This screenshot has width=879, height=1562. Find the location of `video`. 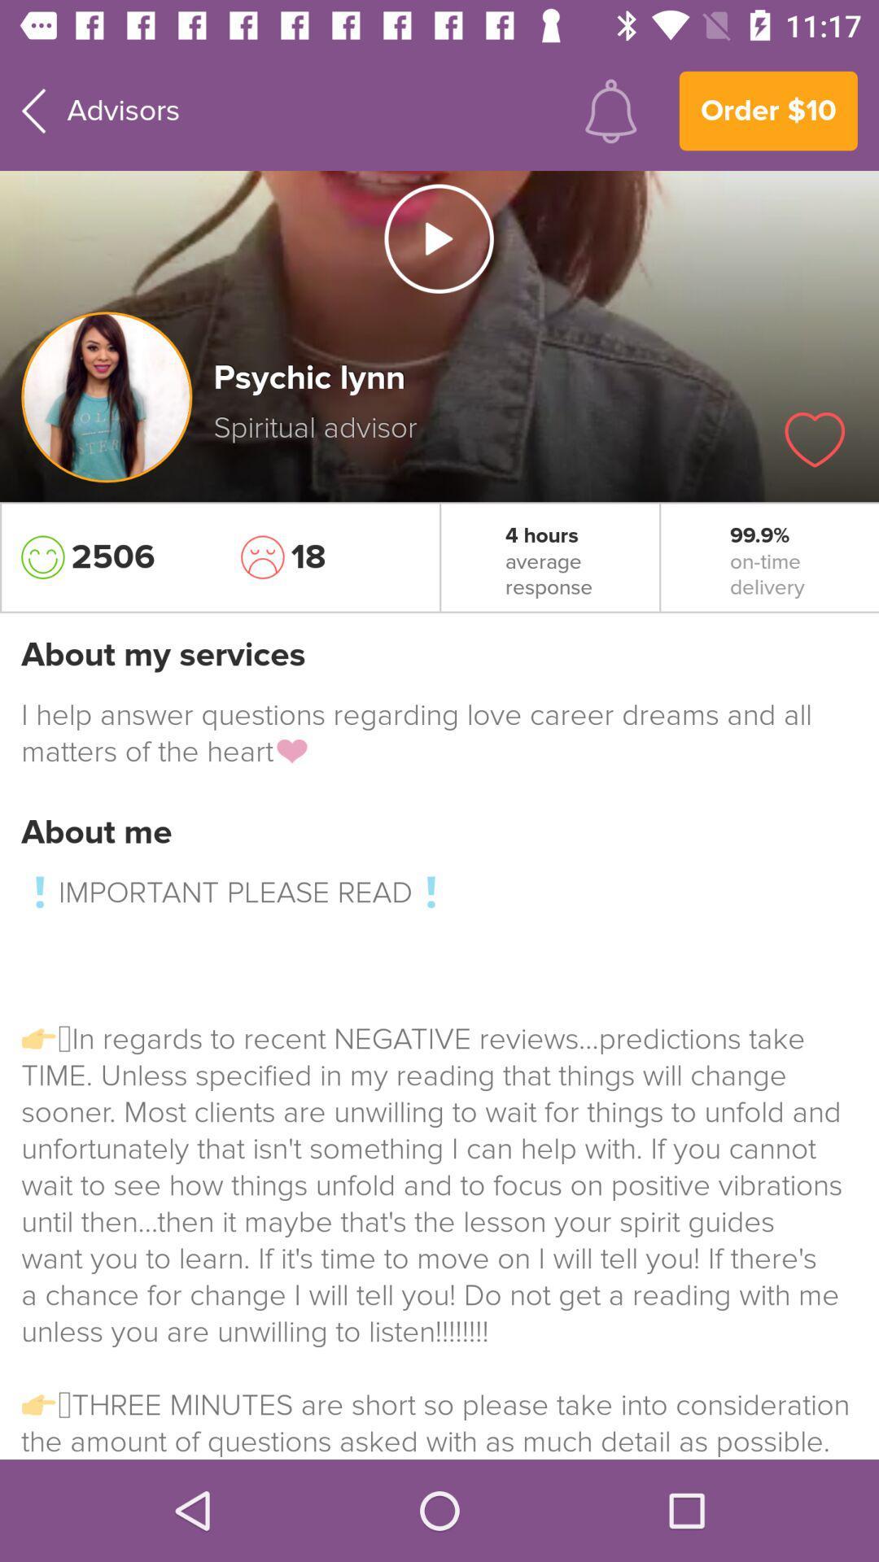

video is located at coordinates (438, 238).